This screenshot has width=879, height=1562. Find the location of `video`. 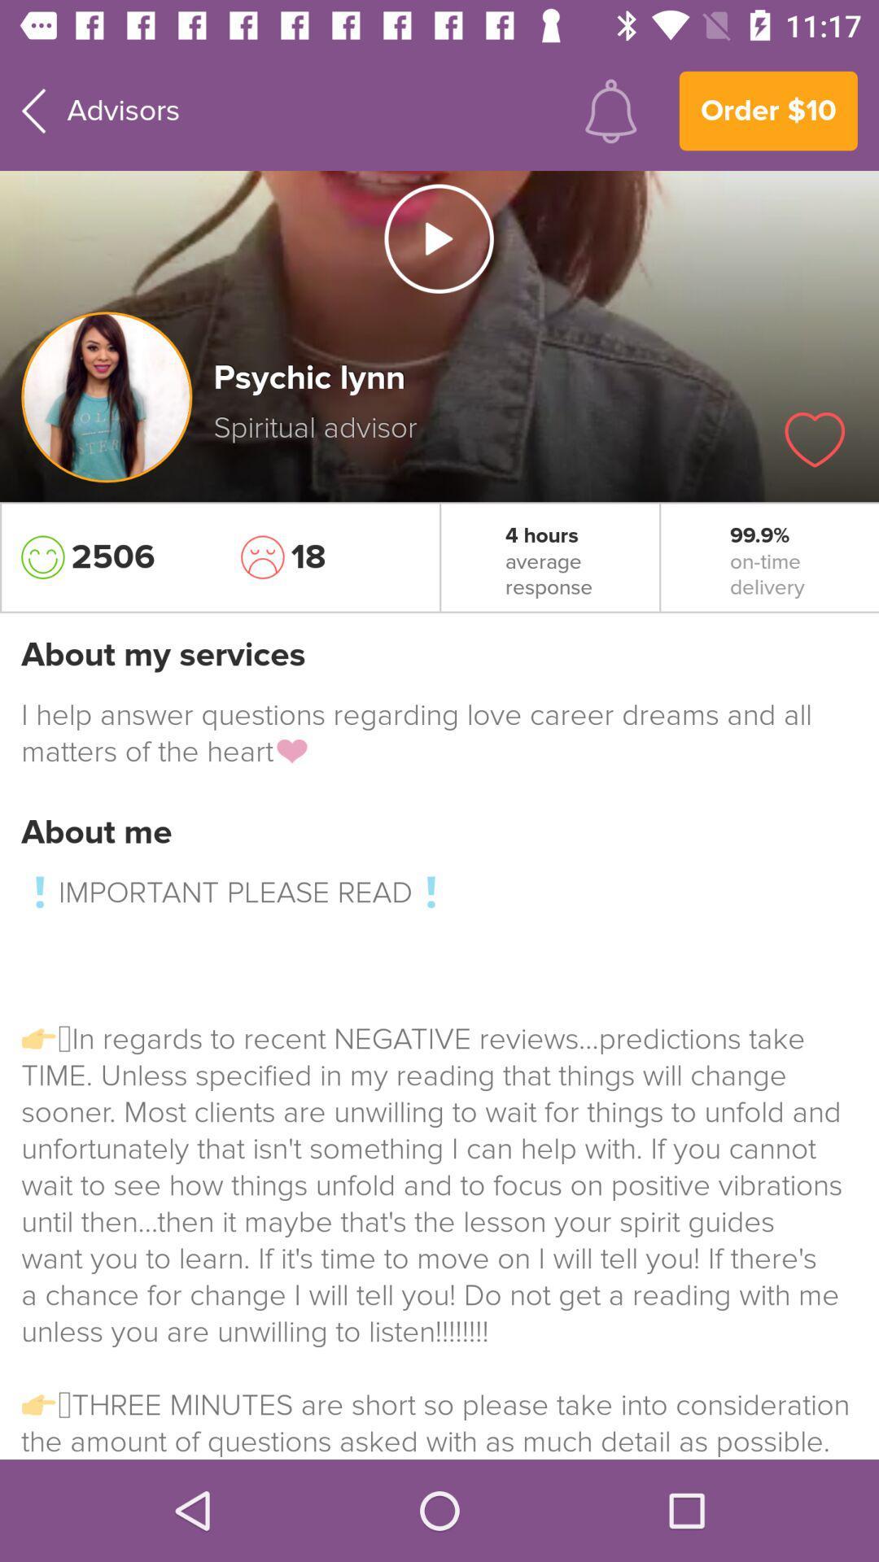

video is located at coordinates (438, 238).